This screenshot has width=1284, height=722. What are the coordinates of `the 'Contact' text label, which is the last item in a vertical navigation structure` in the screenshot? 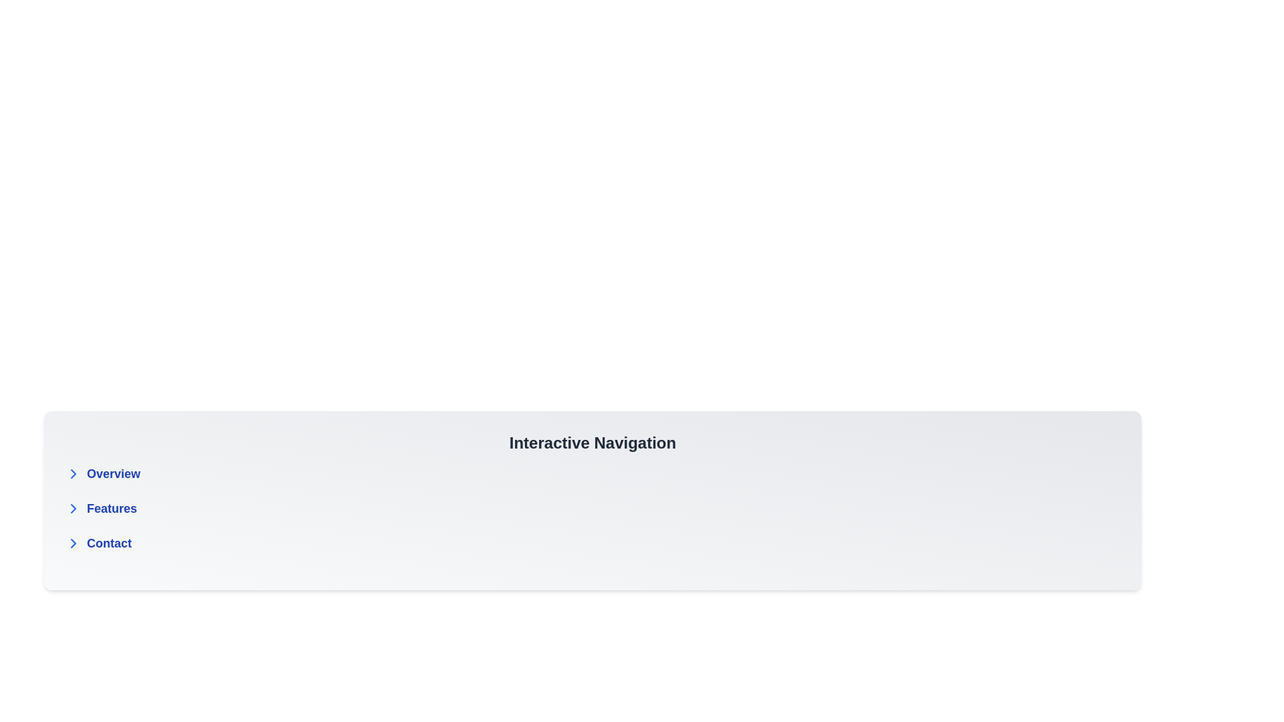 It's located at (109, 544).